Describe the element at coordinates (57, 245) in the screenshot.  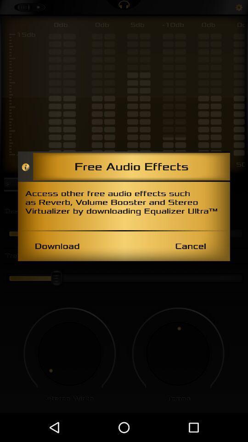
I see `item to the left of the cancel` at that location.